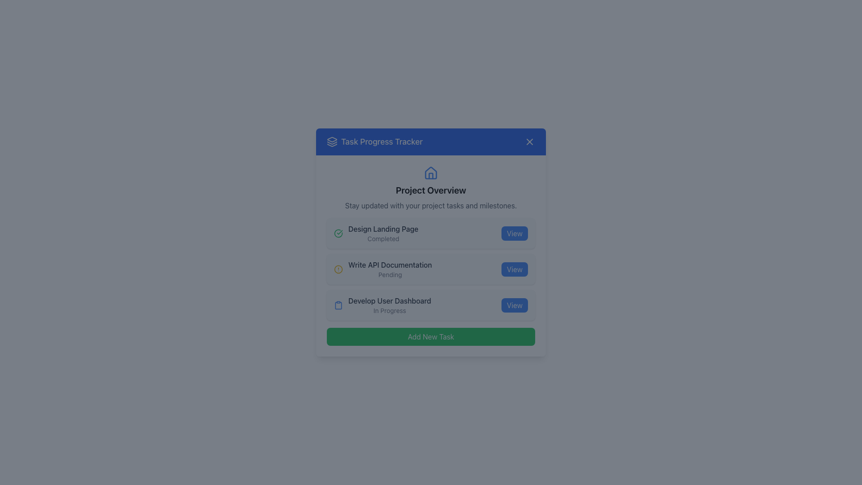 The image size is (862, 485). What do you see at coordinates (390, 265) in the screenshot?
I see `the text label displaying 'Write API Documentation', which is styled in gray and appears bold in a task management interface` at bounding box center [390, 265].